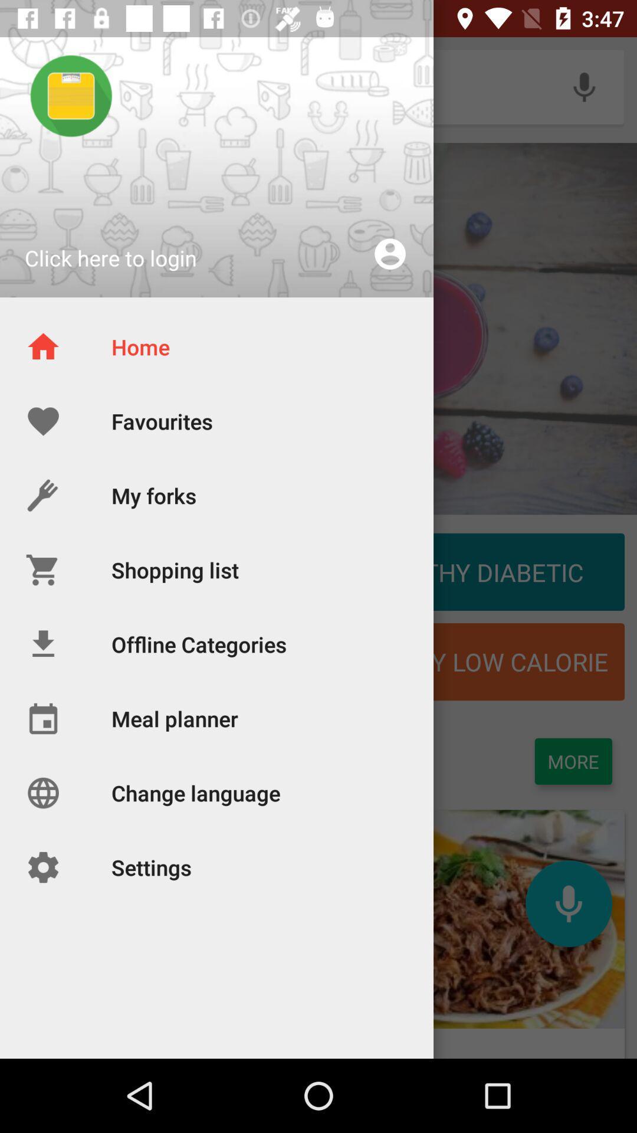  What do you see at coordinates (584, 86) in the screenshot?
I see `the microphone icon` at bounding box center [584, 86].